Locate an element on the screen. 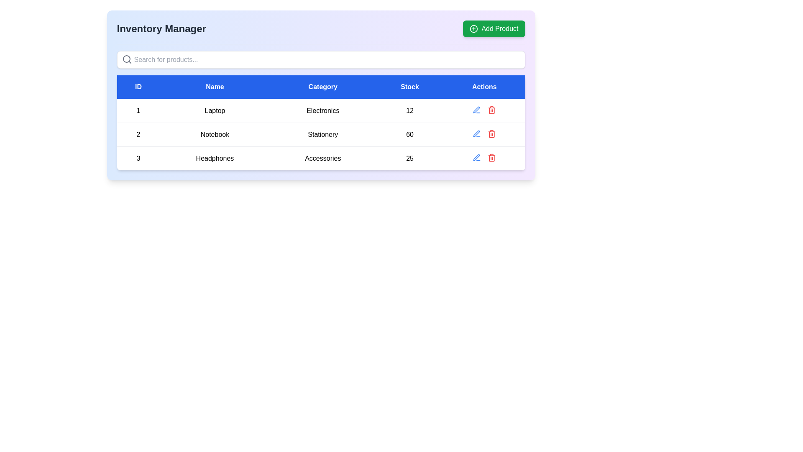 This screenshot has width=803, height=452. text of the label with a blue background and bold white text that says 'Actions', which is the last column header in the table is located at coordinates (484, 87).